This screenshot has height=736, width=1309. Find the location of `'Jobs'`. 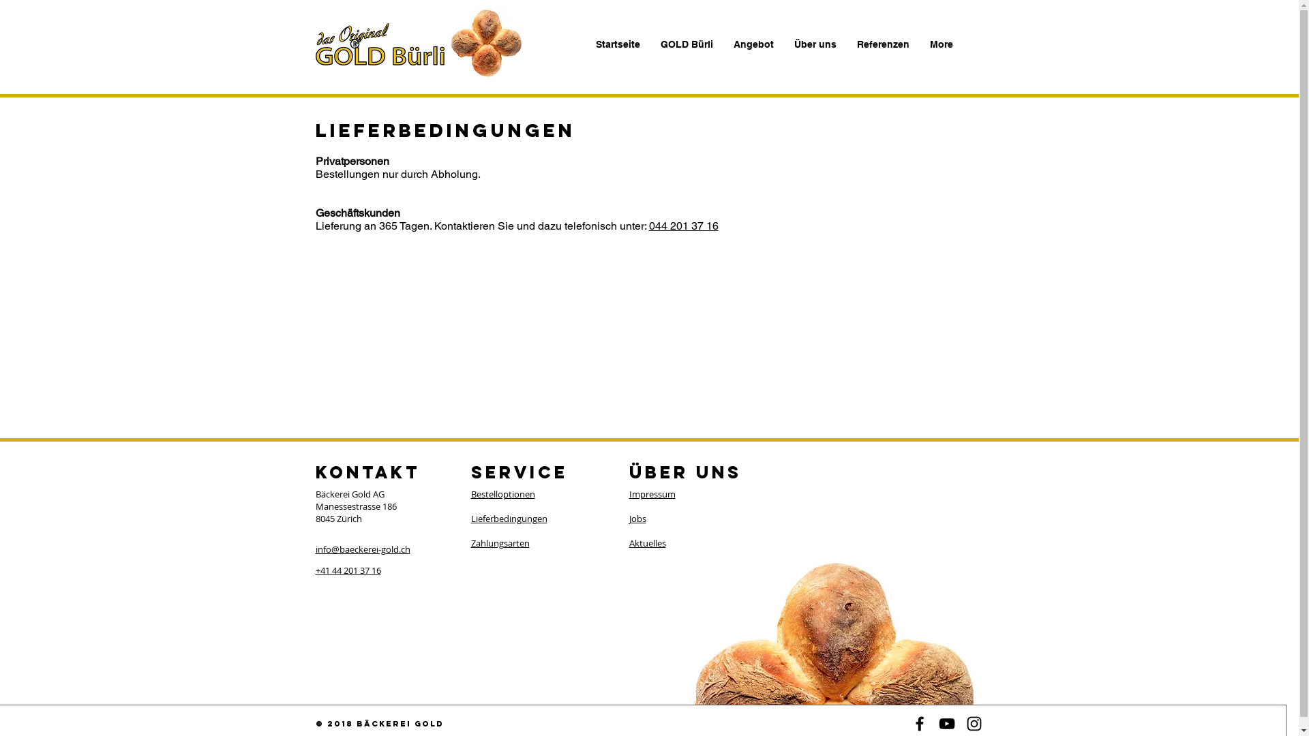

'Jobs' is located at coordinates (636, 518).